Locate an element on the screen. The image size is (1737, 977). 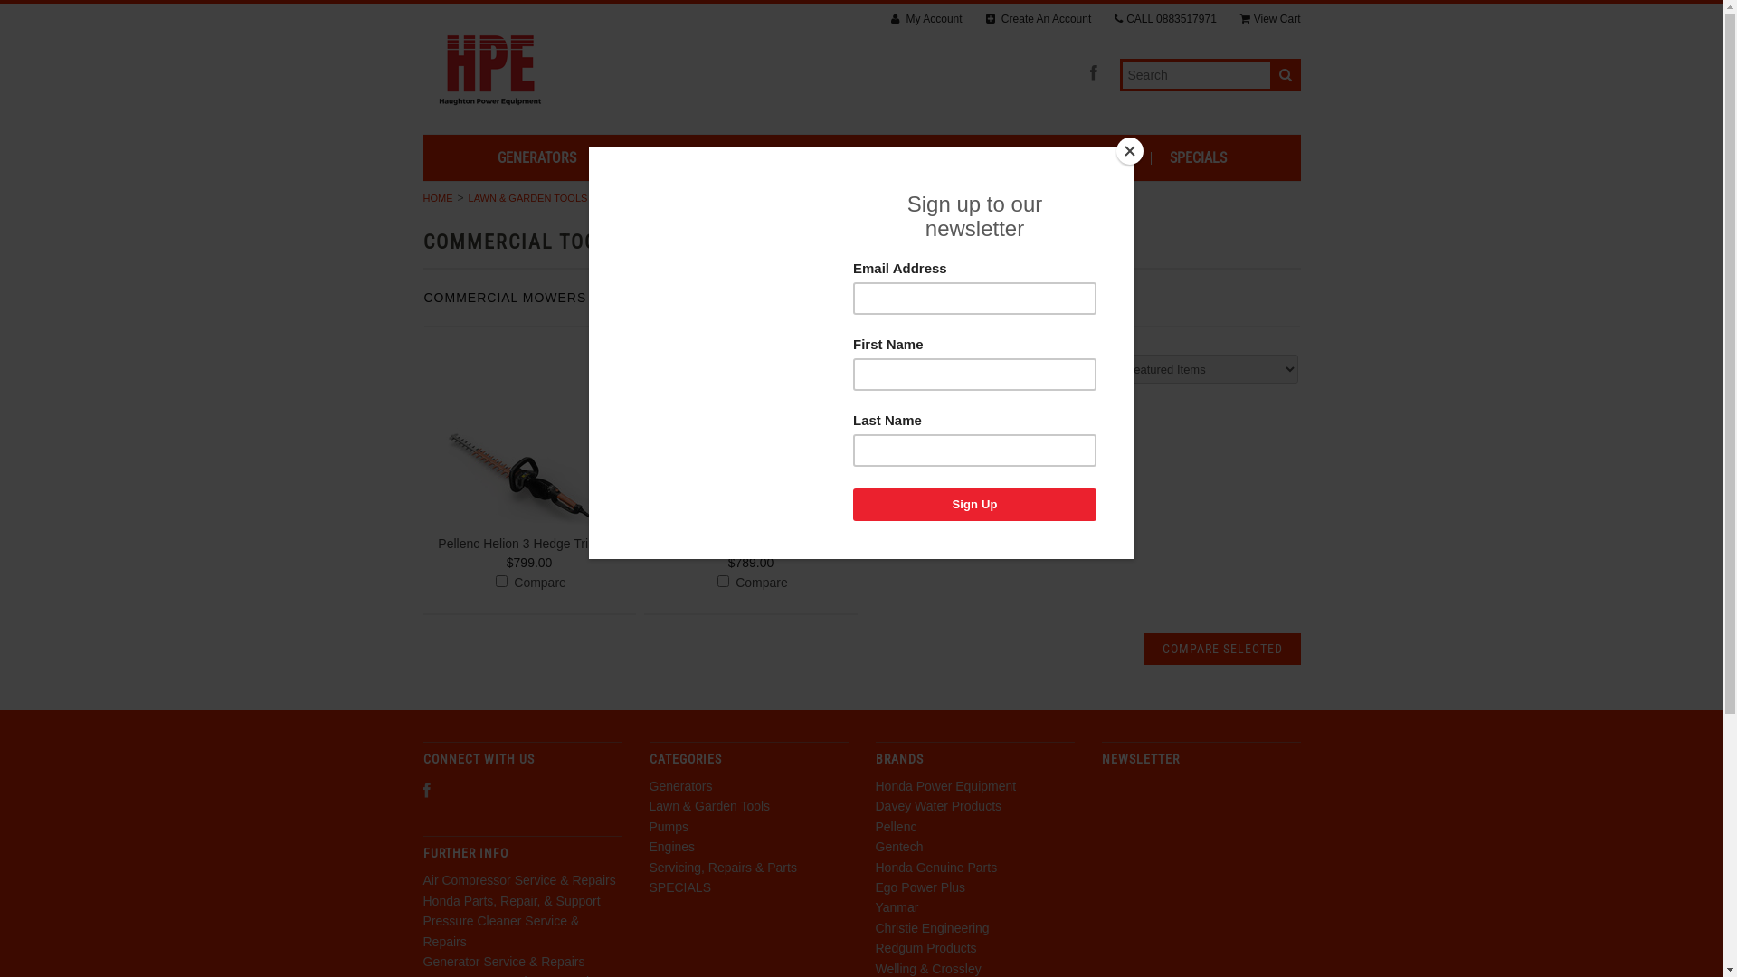
'Pellenc' is located at coordinates (896, 827).